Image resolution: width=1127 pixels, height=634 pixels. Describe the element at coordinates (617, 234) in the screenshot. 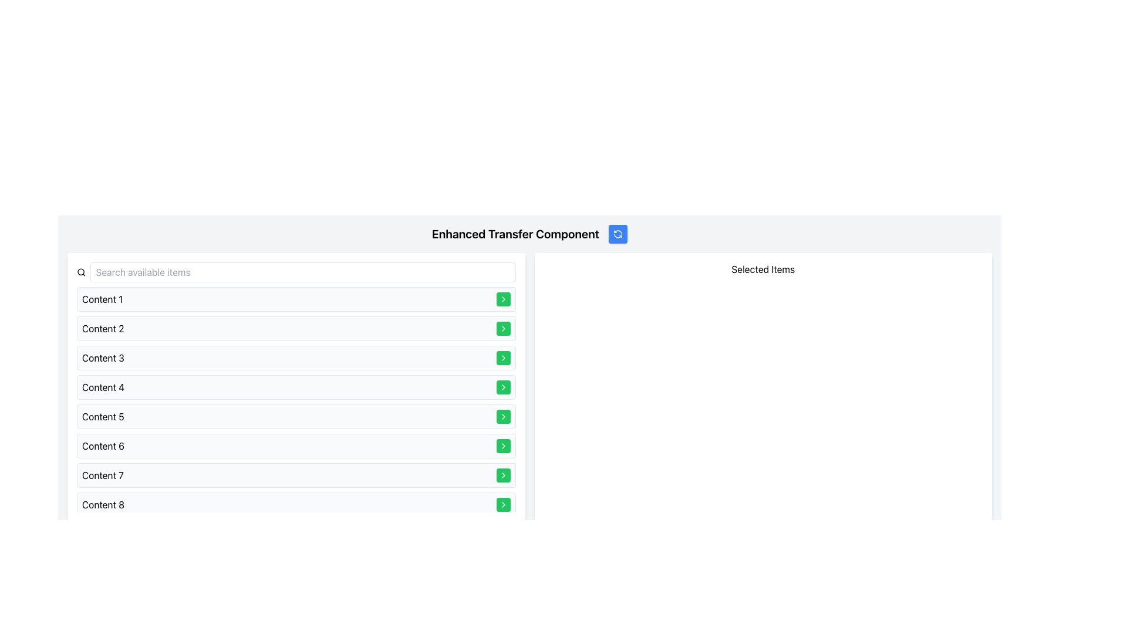

I see `the small blue button with a white circular arrow icon located next to the 'Enhanced Transfer Component' heading` at that location.